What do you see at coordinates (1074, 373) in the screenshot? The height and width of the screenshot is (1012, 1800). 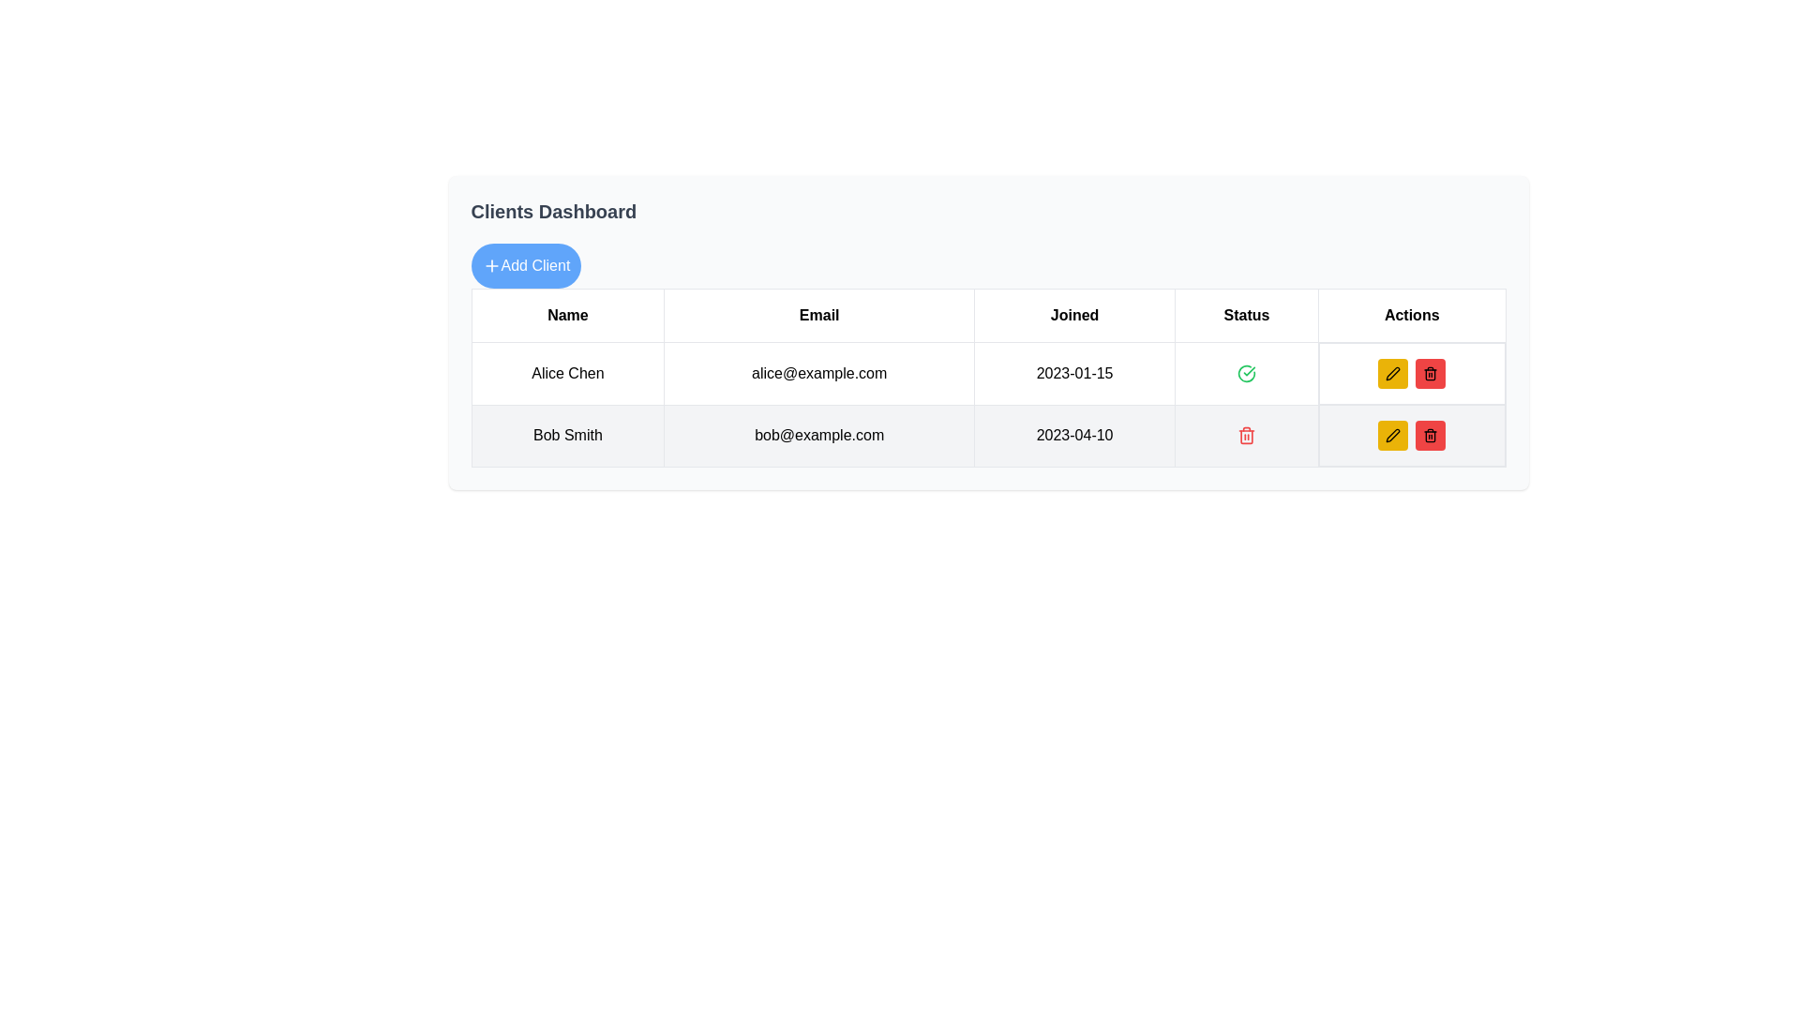 I see `the static text label displaying '2023-01-15' in the 'Joined' column of the user information table` at bounding box center [1074, 373].